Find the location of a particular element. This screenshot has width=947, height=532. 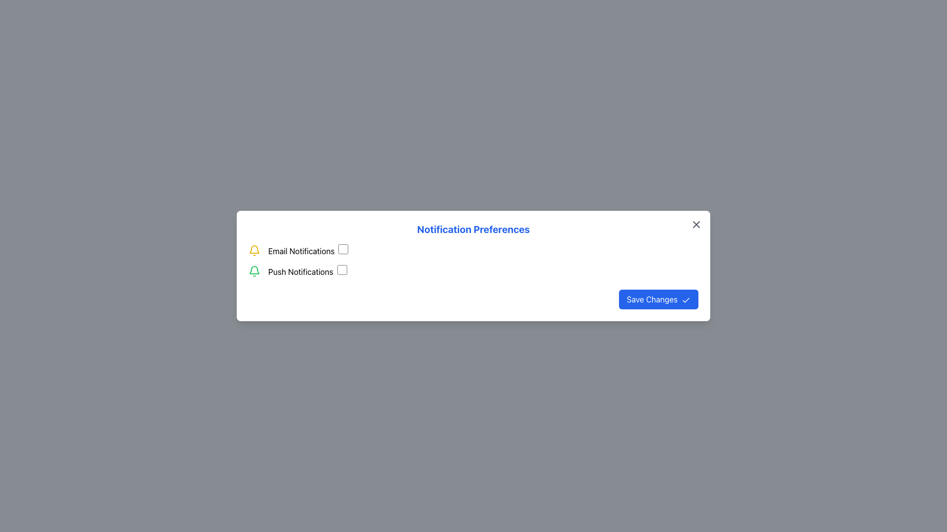

the save changes button located at the bottom-right corner of the modal dialog box to enable potential interactions is located at coordinates (658, 299).